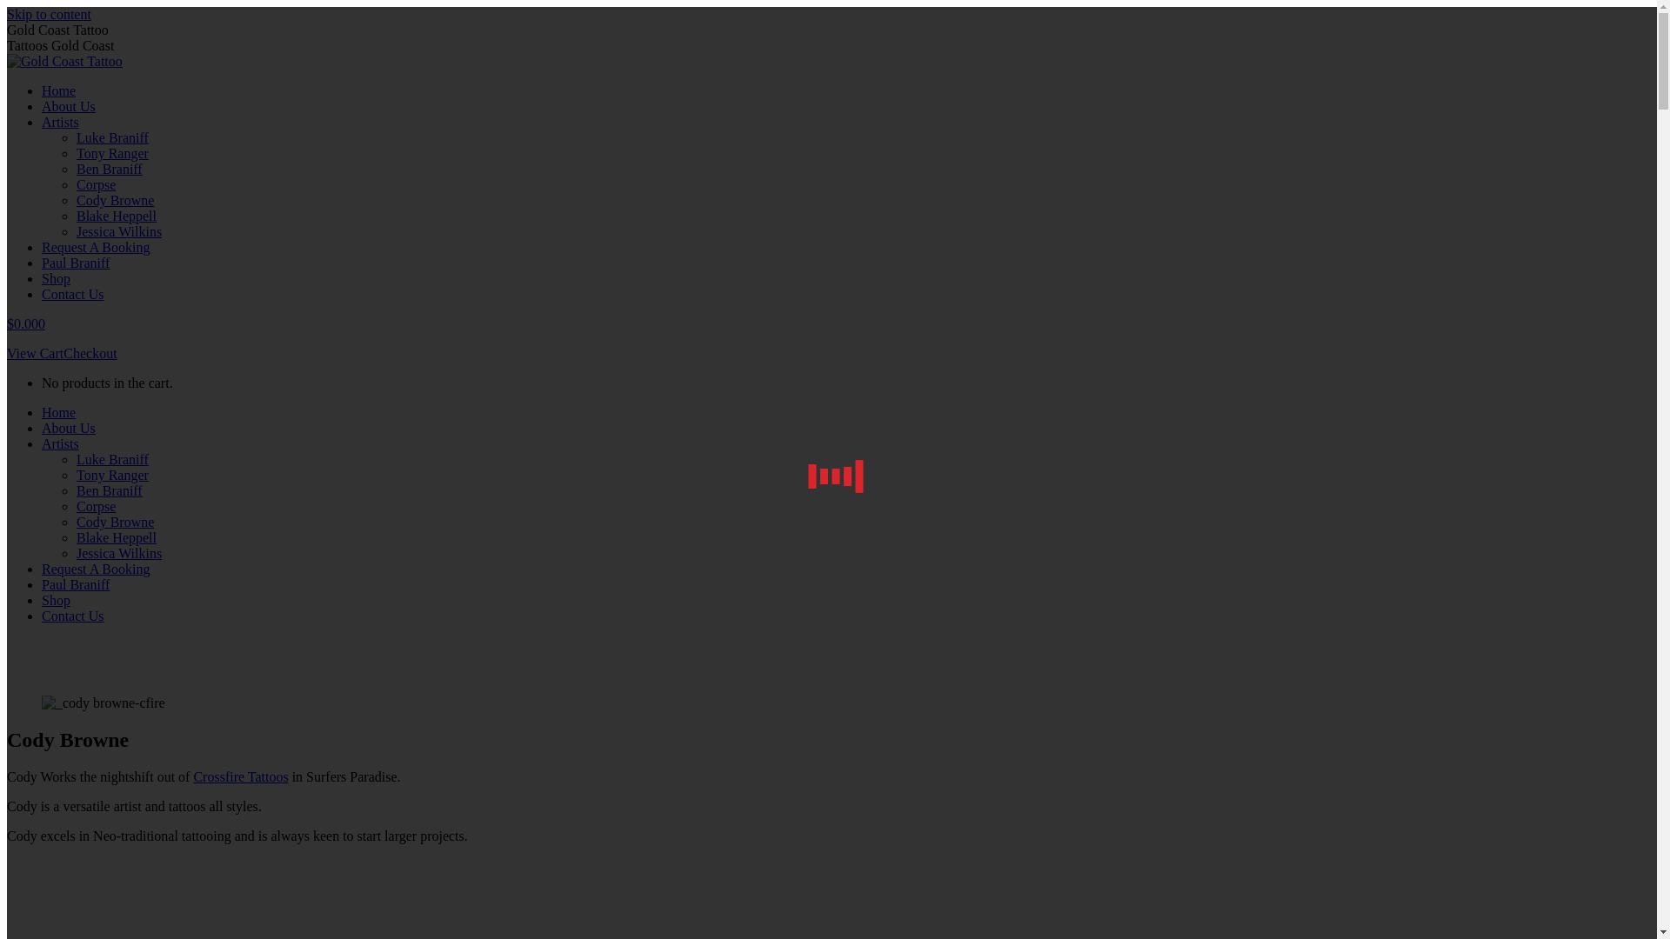  Describe the element at coordinates (71, 615) in the screenshot. I see `'Contact Us'` at that location.